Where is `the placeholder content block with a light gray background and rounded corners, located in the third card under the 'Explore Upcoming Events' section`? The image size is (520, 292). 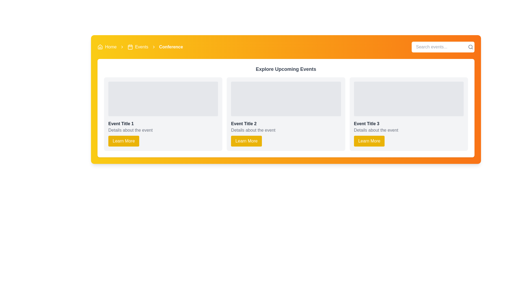 the placeholder content block with a light gray background and rounded corners, located in the third card under the 'Explore Upcoming Events' section is located at coordinates (409, 99).